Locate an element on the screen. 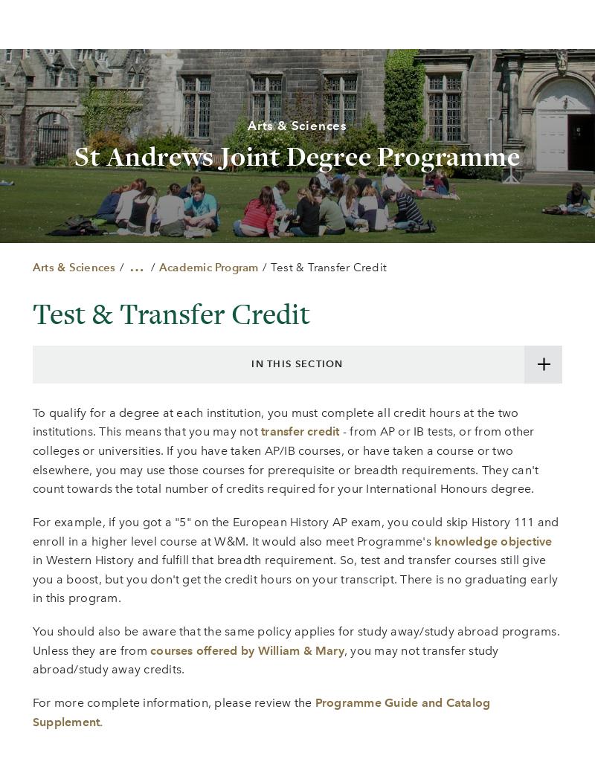 The width and height of the screenshot is (595, 773). 'Follow W&M on Social Media:' is located at coordinates (296, 434).